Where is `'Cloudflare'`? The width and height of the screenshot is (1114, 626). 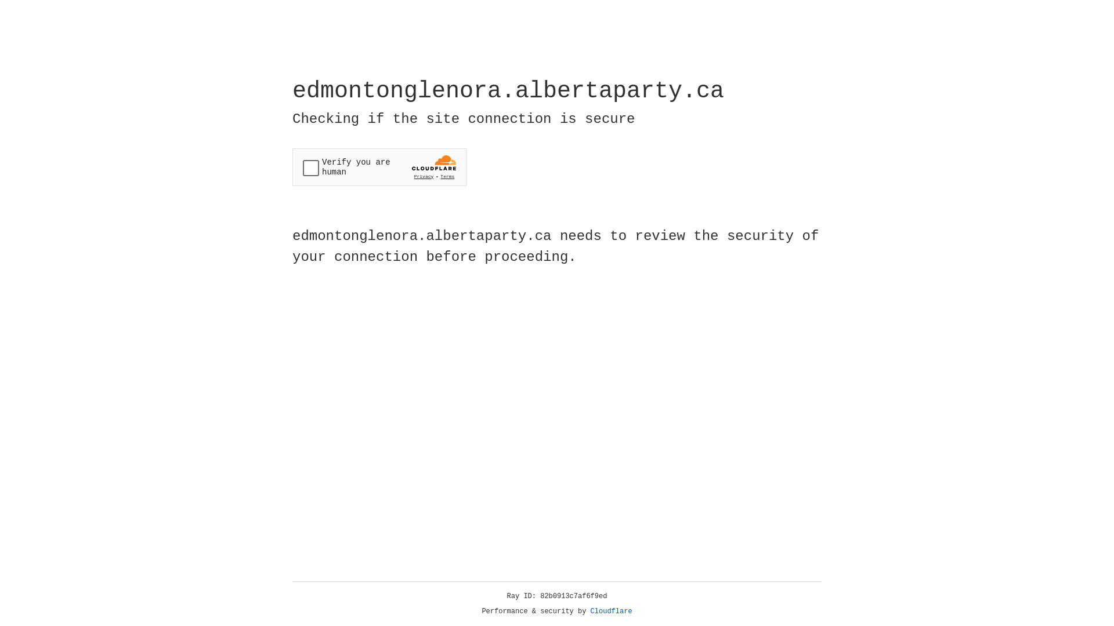 'Cloudflare' is located at coordinates (611, 611).